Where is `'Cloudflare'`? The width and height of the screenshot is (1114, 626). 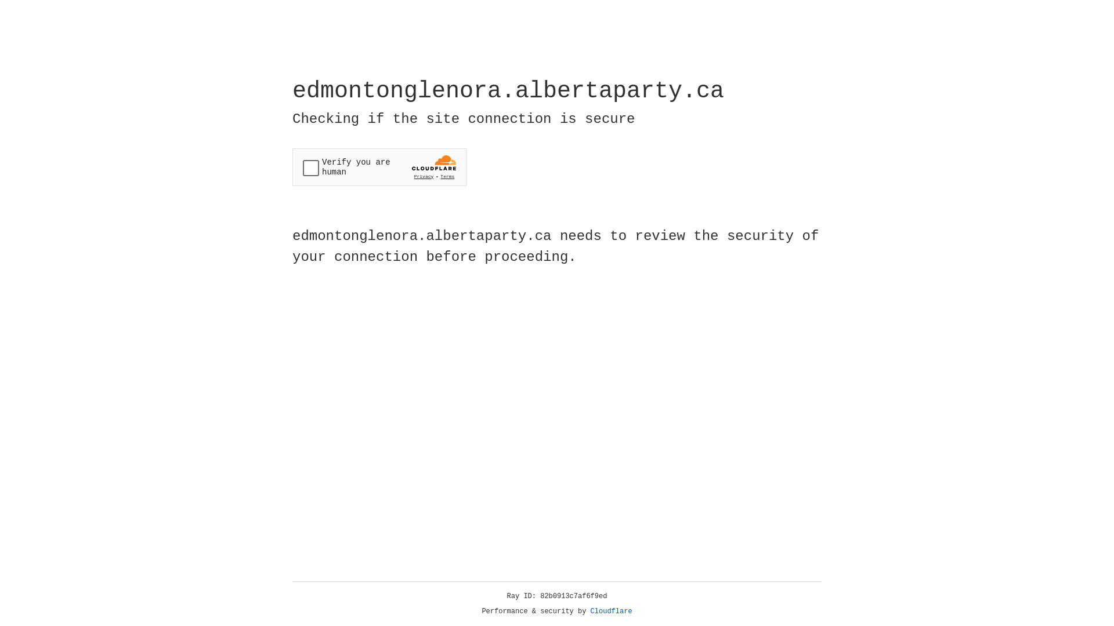 'Cloudflare' is located at coordinates (611, 611).